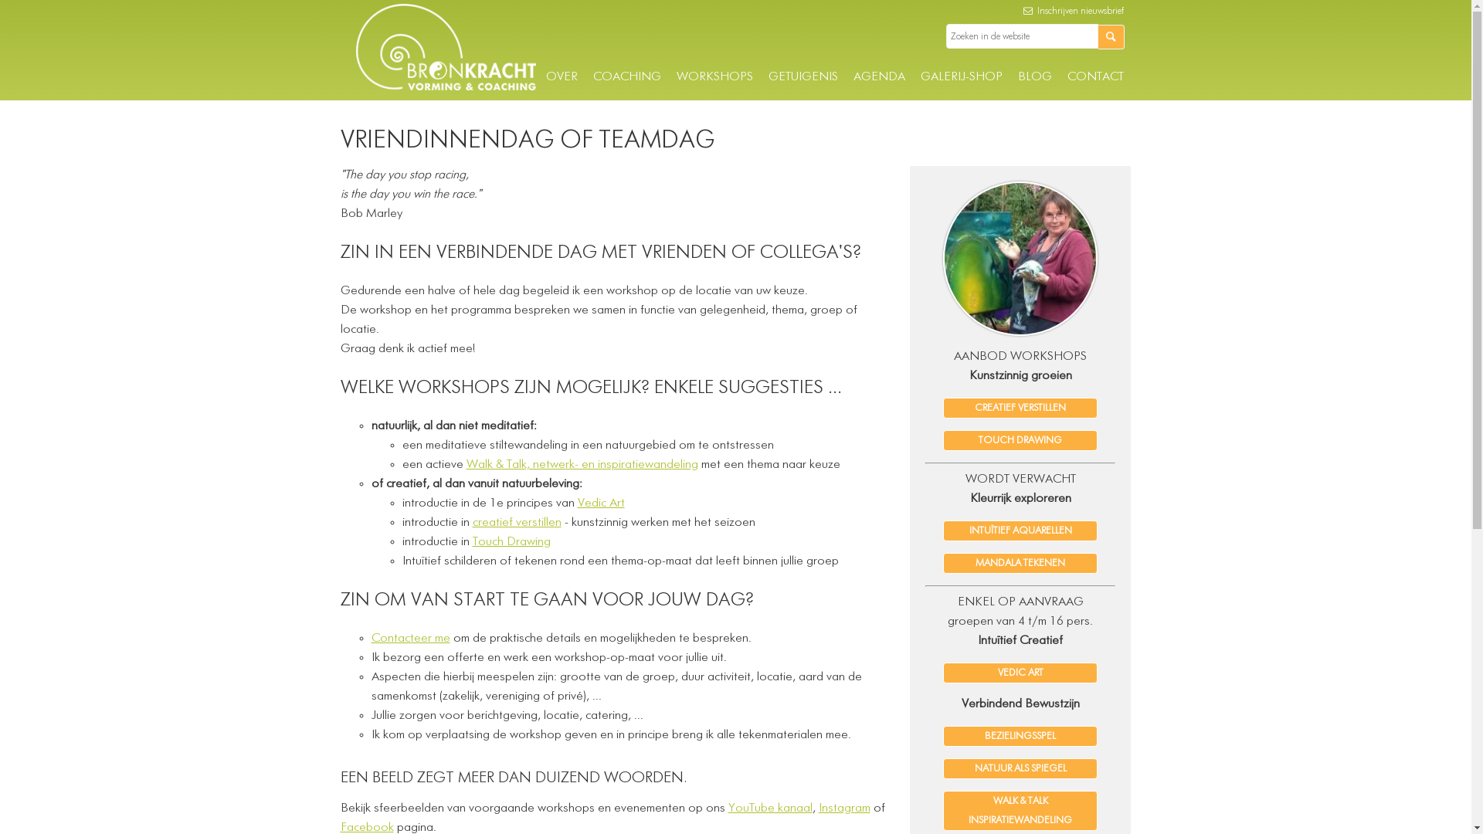 This screenshot has width=1483, height=834. What do you see at coordinates (592, 77) in the screenshot?
I see `'COACHING'` at bounding box center [592, 77].